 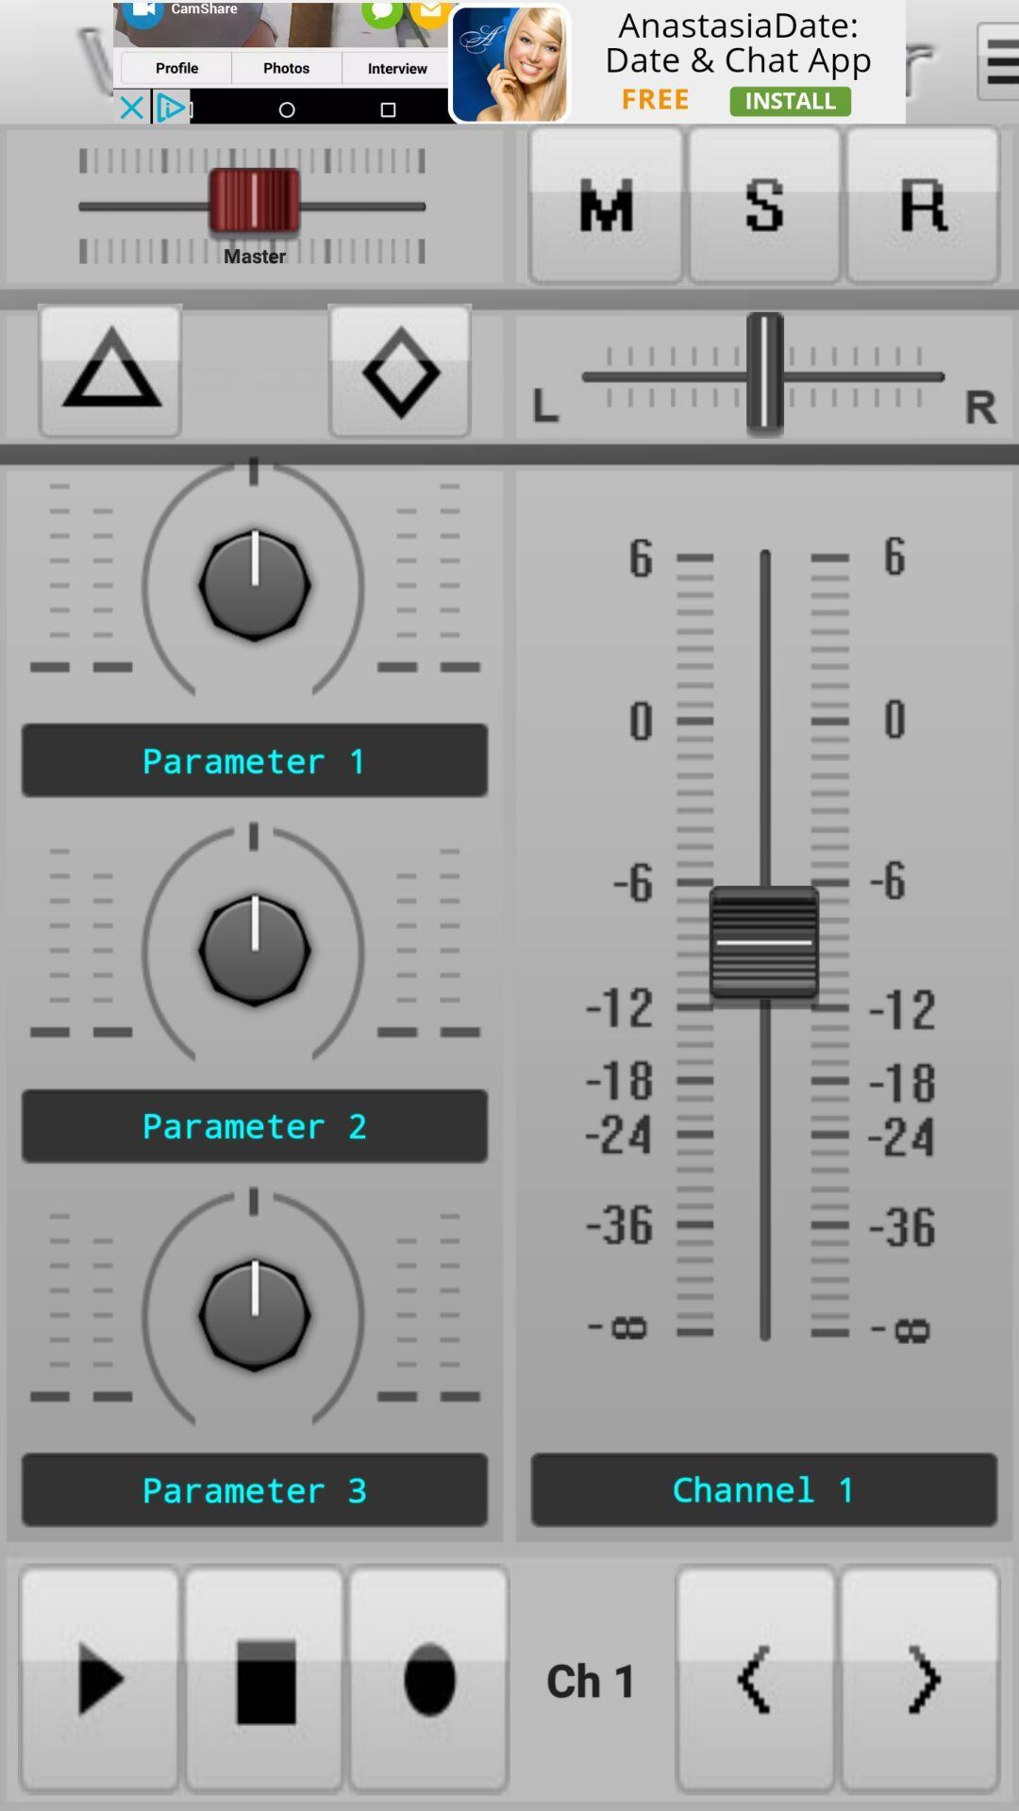 I want to click on the menu icon, so click(x=996, y=61).